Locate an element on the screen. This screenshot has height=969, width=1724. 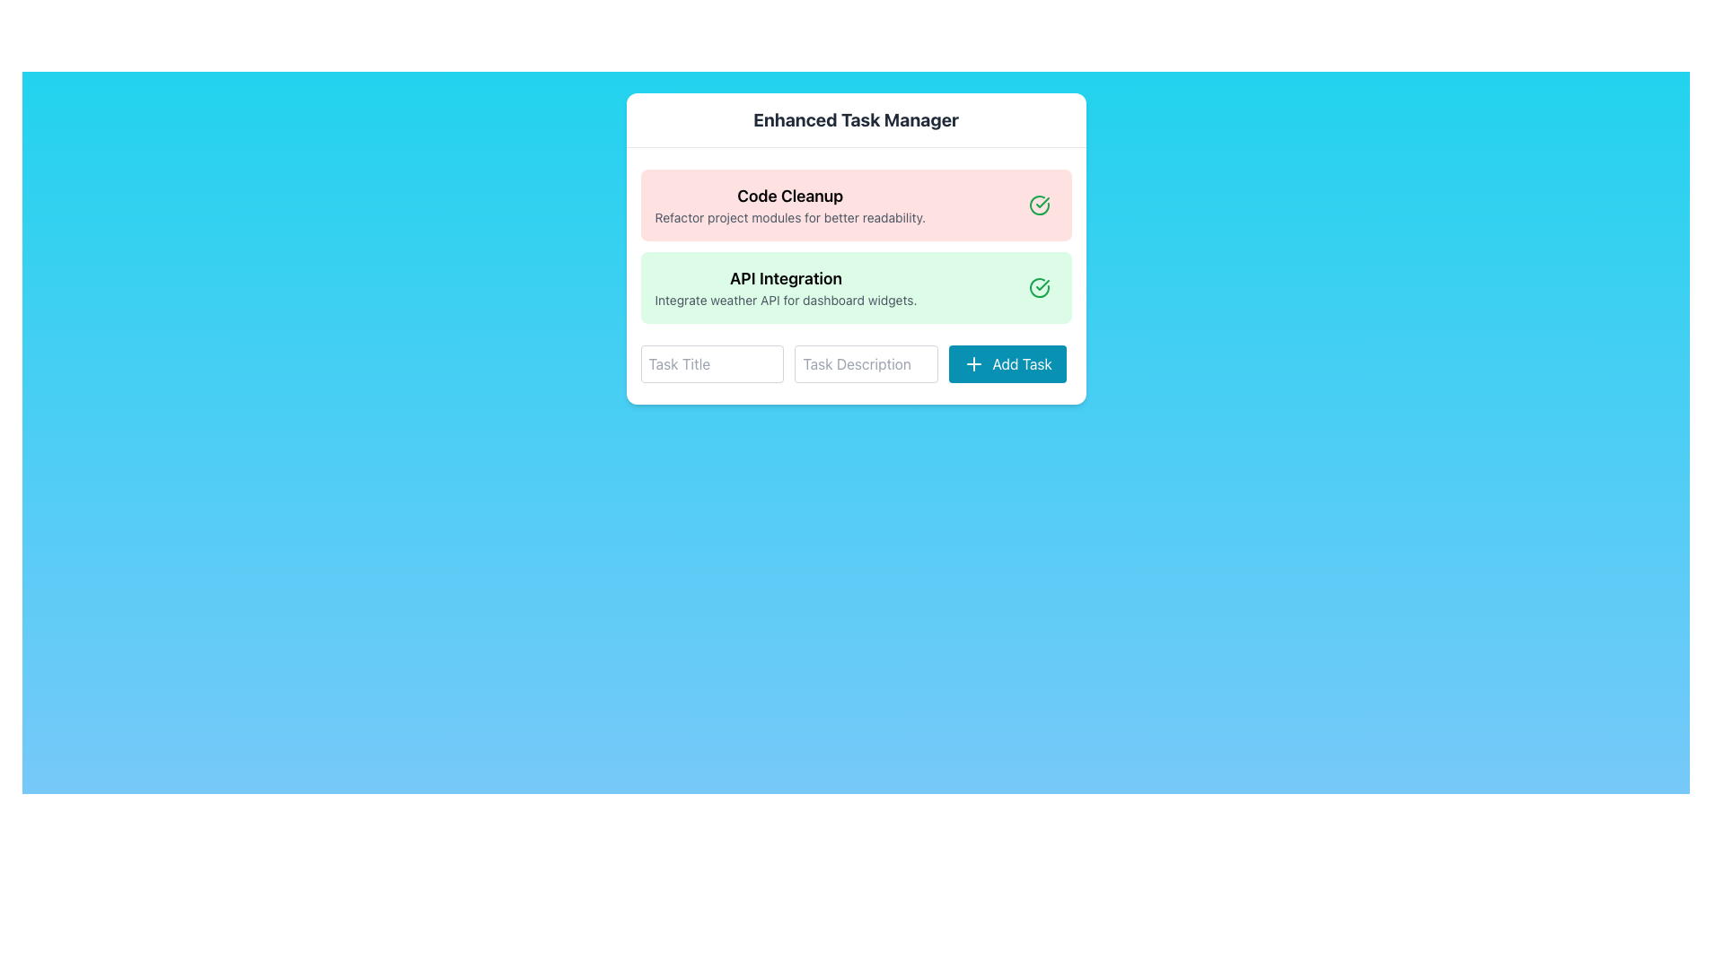
the interactive icon indicating task completion for 'Code Cleanup' is located at coordinates (1039, 204).